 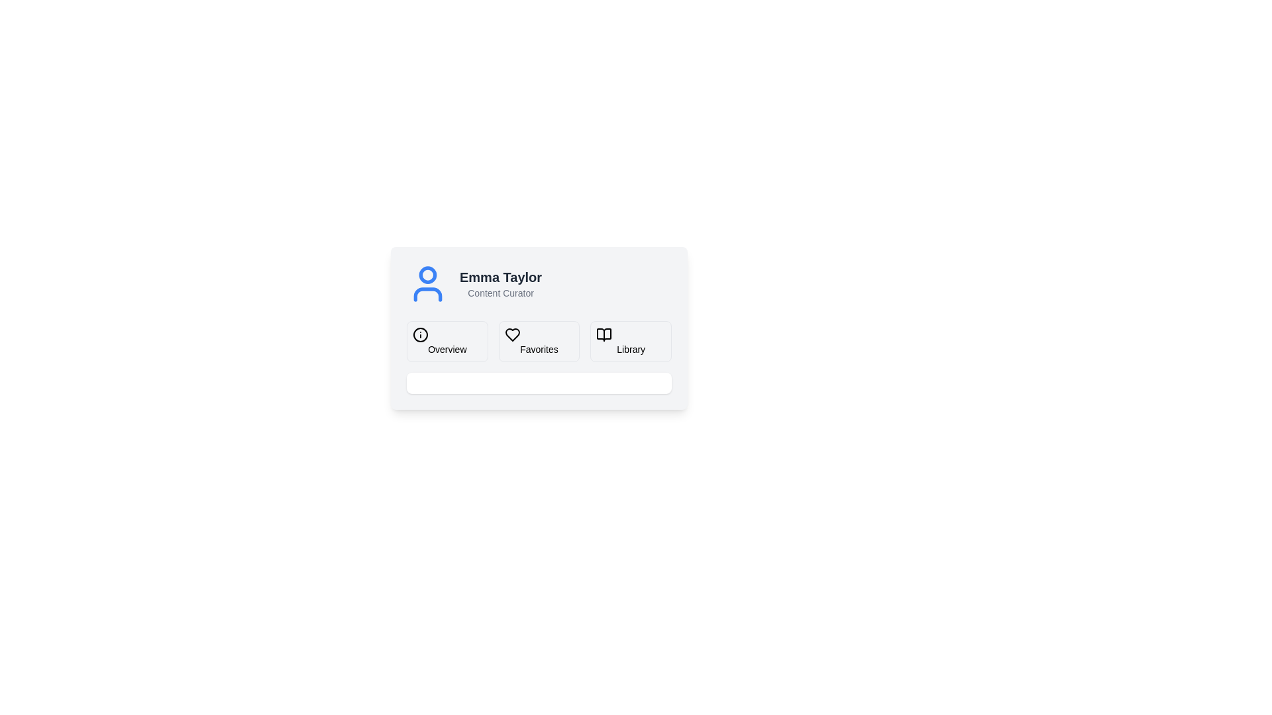 What do you see at coordinates (447, 341) in the screenshot?
I see `the 'Overview' button, which is the first item in a horizontal group of navigation tools` at bounding box center [447, 341].